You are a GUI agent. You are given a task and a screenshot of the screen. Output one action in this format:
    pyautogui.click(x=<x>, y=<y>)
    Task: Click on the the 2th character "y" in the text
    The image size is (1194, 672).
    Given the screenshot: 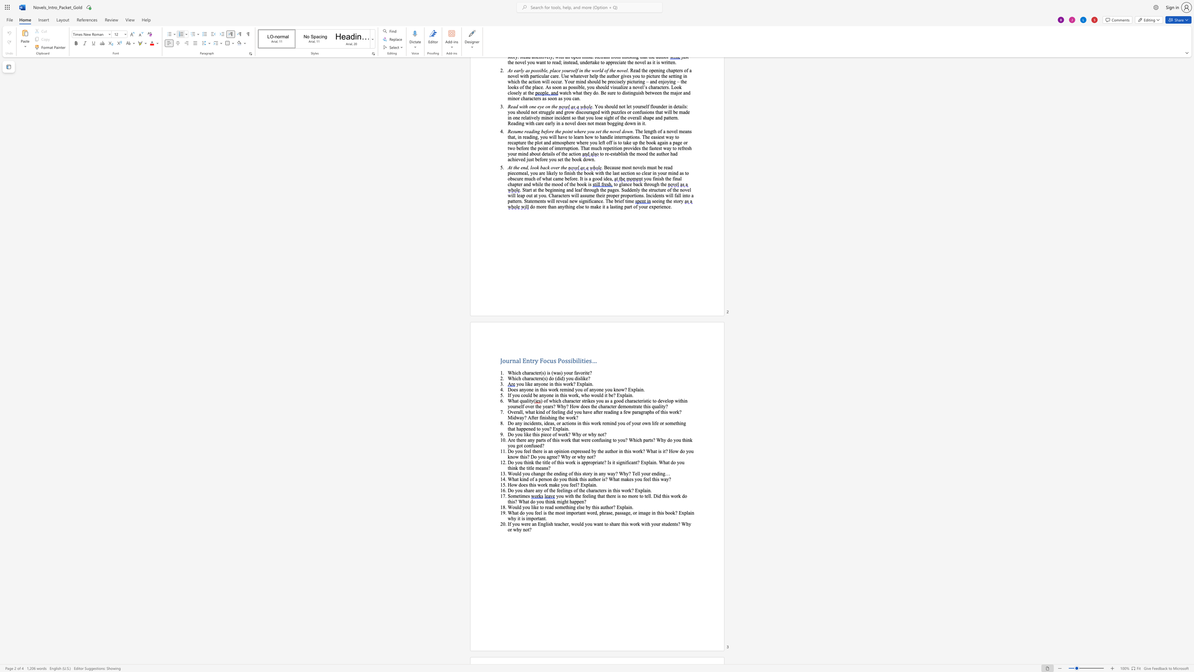 What is the action you would take?
    pyautogui.click(x=589, y=506)
    